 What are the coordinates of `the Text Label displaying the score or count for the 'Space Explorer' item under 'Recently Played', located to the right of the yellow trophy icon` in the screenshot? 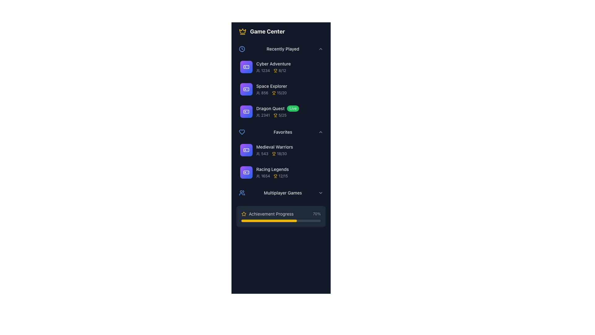 It's located at (281, 93).